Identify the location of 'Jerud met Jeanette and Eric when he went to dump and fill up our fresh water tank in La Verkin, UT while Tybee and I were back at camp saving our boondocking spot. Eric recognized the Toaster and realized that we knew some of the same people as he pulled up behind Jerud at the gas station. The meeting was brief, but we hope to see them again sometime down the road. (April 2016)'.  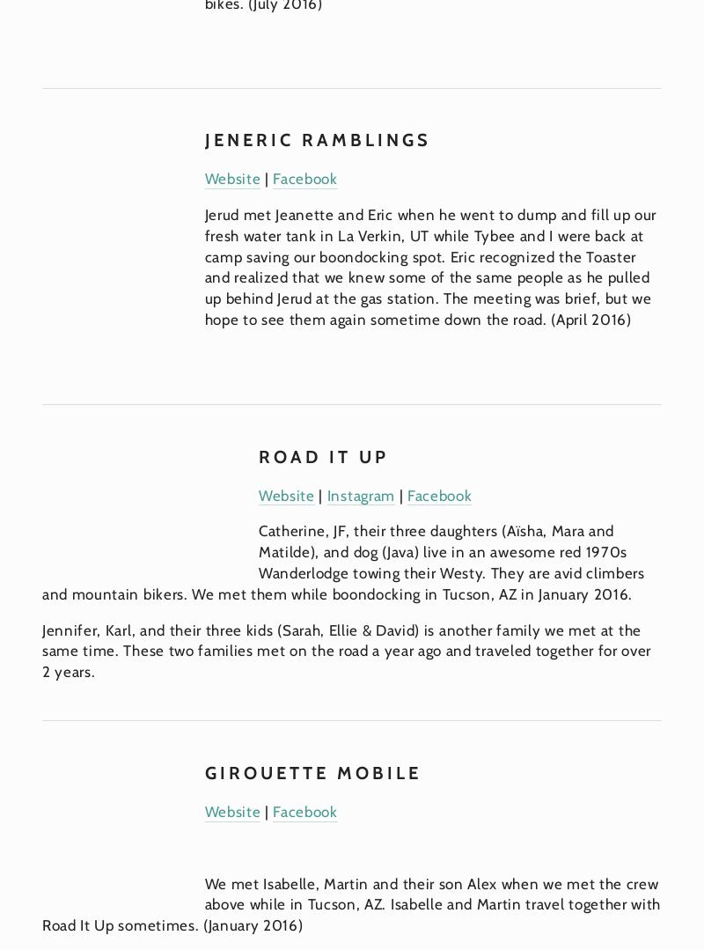
(432, 265).